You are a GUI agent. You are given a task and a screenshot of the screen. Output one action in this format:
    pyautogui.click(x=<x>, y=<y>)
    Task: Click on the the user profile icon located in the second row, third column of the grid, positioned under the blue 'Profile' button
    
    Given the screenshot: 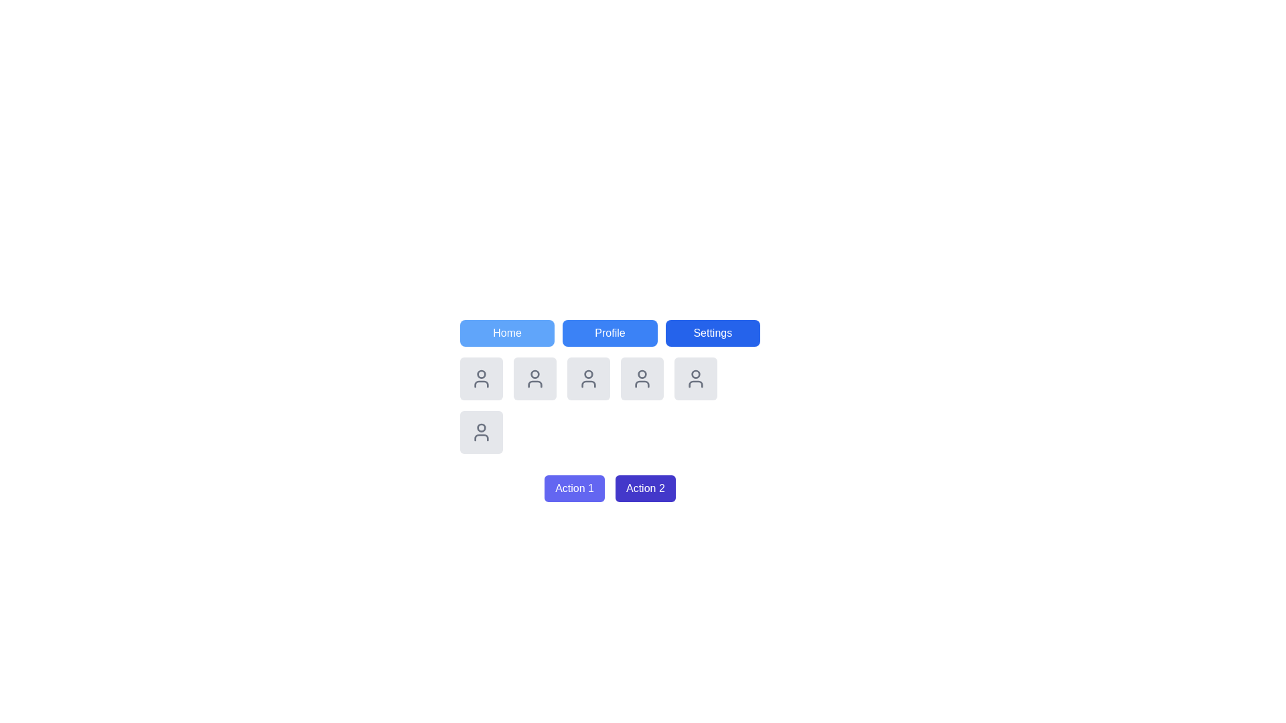 What is the action you would take?
    pyautogui.click(x=588, y=379)
    